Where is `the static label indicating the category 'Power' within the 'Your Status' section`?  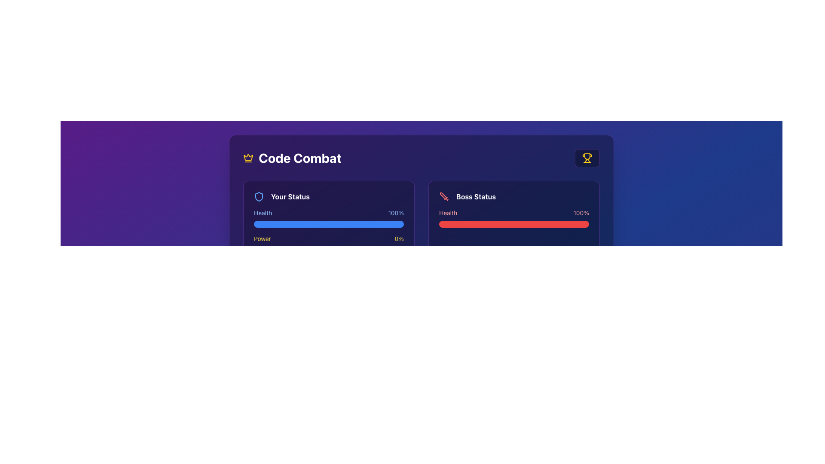
the static label indicating the category 'Power' within the 'Your Status' section is located at coordinates (262, 238).